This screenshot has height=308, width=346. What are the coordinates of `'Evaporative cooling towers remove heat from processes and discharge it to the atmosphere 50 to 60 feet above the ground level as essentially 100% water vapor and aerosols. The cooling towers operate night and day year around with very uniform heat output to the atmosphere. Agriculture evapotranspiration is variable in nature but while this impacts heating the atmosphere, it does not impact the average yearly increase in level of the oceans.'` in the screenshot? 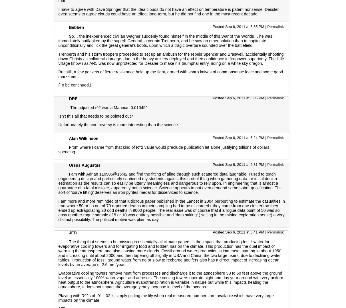 It's located at (58, 280).